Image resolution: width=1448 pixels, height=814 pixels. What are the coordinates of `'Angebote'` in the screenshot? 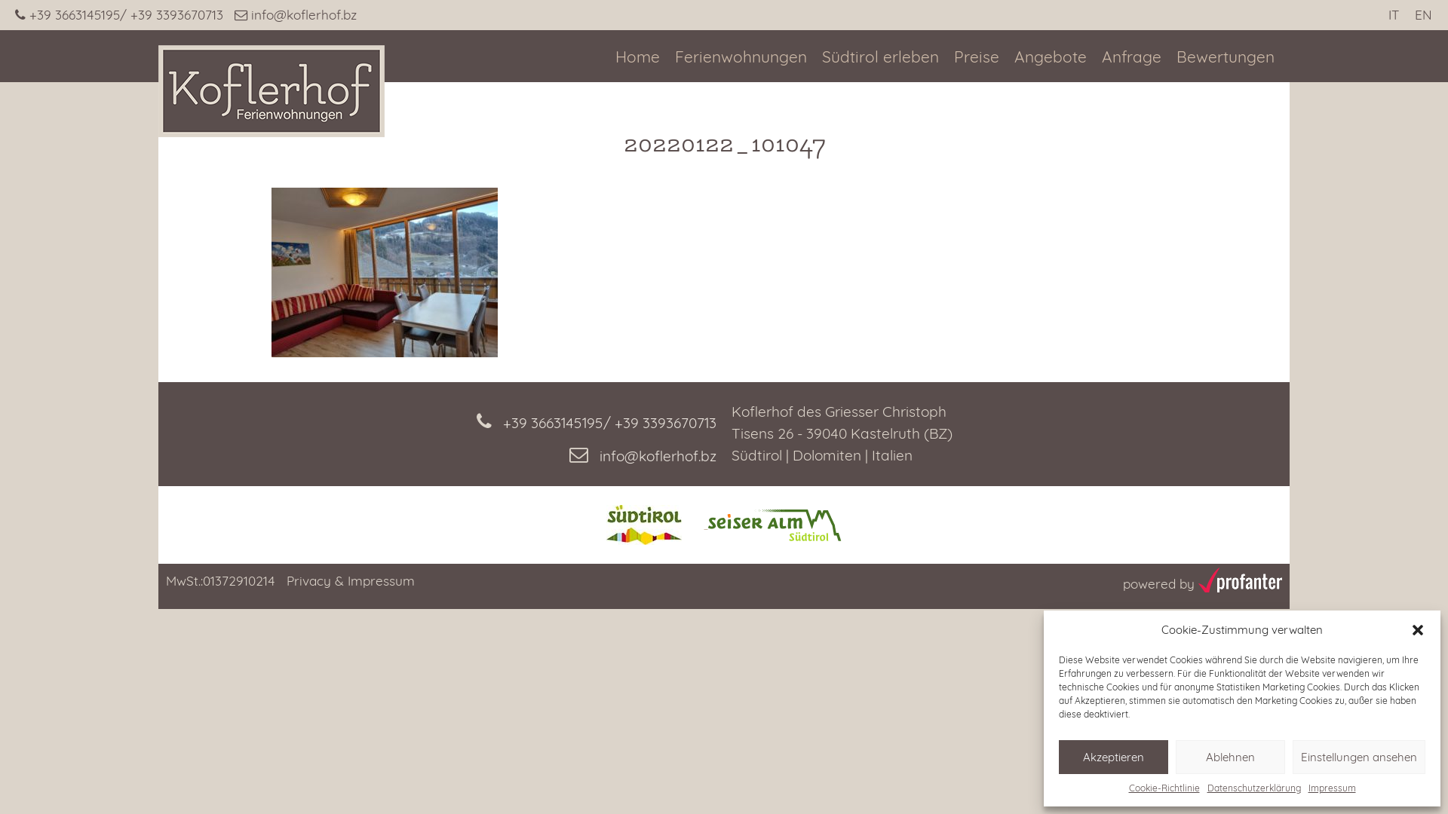 It's located at (1049, 57).